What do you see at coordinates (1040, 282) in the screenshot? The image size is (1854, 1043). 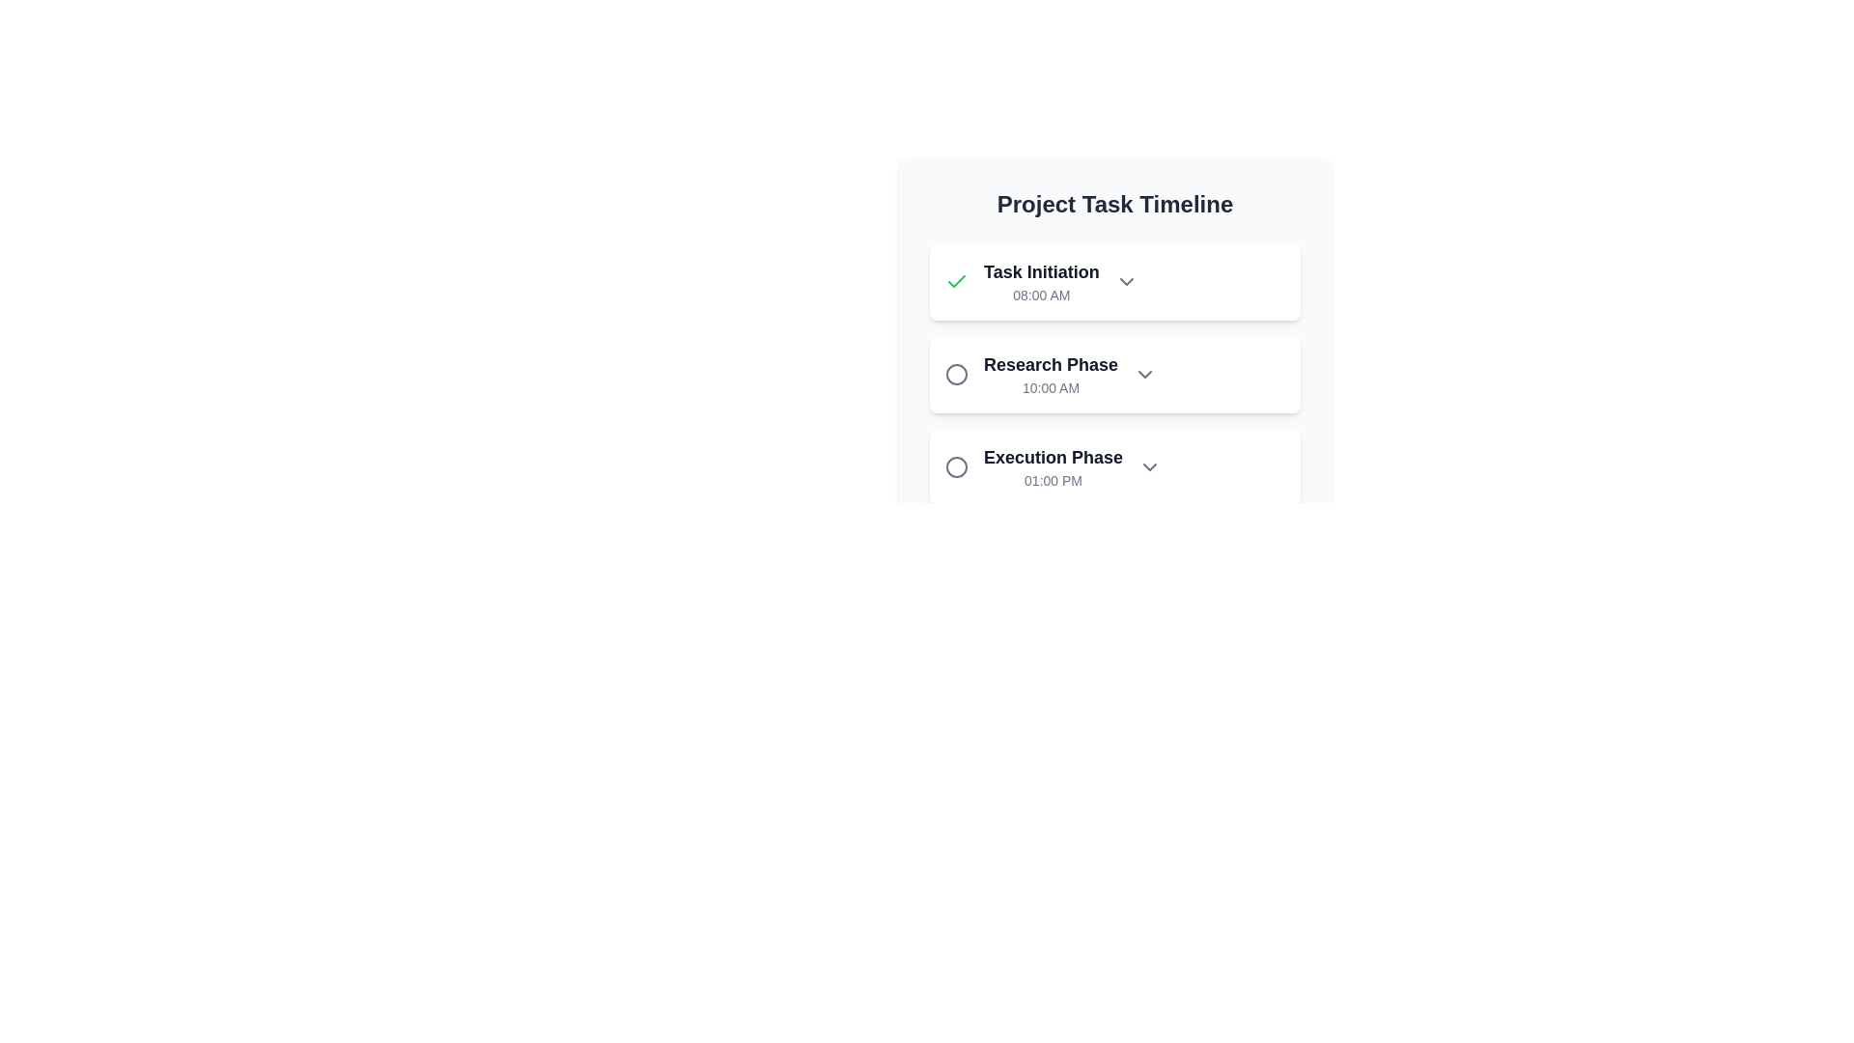 I see `Text Display element that shows the event's title and scheduled time, located in the upper section of a list-like interface` at bounding box center [1040, 282].